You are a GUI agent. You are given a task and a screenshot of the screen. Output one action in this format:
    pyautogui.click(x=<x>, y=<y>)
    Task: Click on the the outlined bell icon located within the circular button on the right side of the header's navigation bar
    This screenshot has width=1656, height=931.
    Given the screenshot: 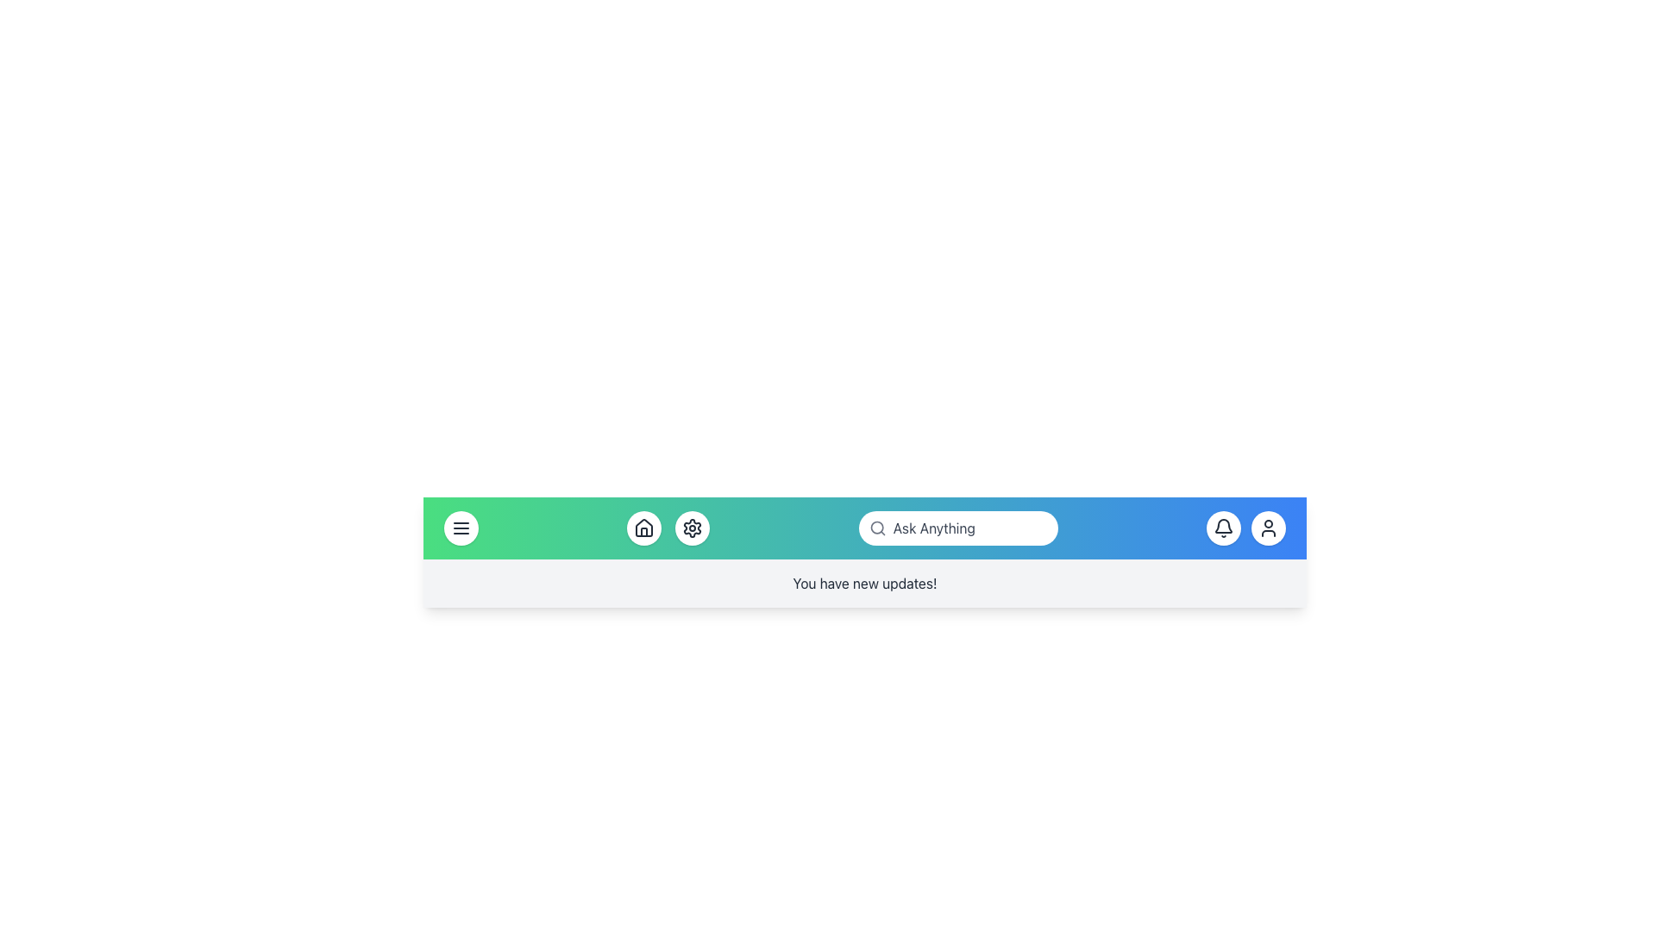 What is the action you would take?
    pyautogui.click(x=1223, y=528)
    